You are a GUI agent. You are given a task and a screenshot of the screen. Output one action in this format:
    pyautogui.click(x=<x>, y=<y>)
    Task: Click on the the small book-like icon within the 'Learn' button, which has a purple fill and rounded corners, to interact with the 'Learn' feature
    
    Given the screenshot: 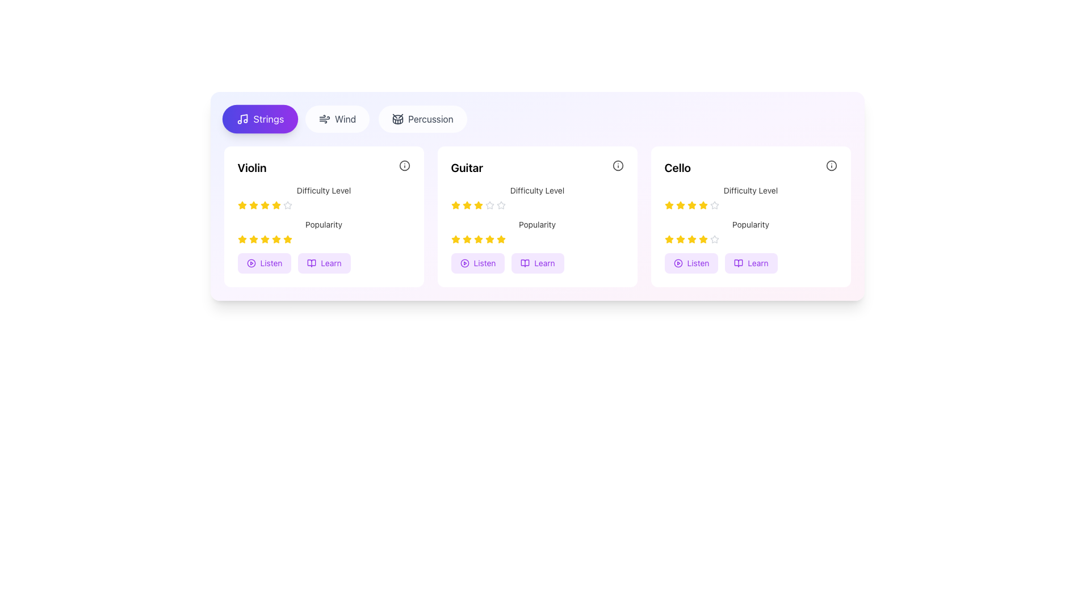 What is the action you would take?
    pyautogui.click(x=525, y=263)
    